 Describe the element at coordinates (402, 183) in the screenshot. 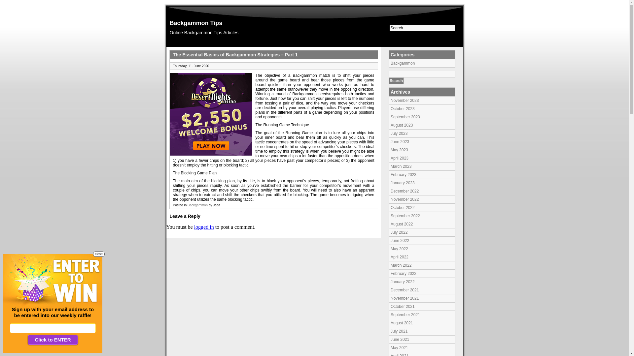

I see `'January 2023'` at that location.